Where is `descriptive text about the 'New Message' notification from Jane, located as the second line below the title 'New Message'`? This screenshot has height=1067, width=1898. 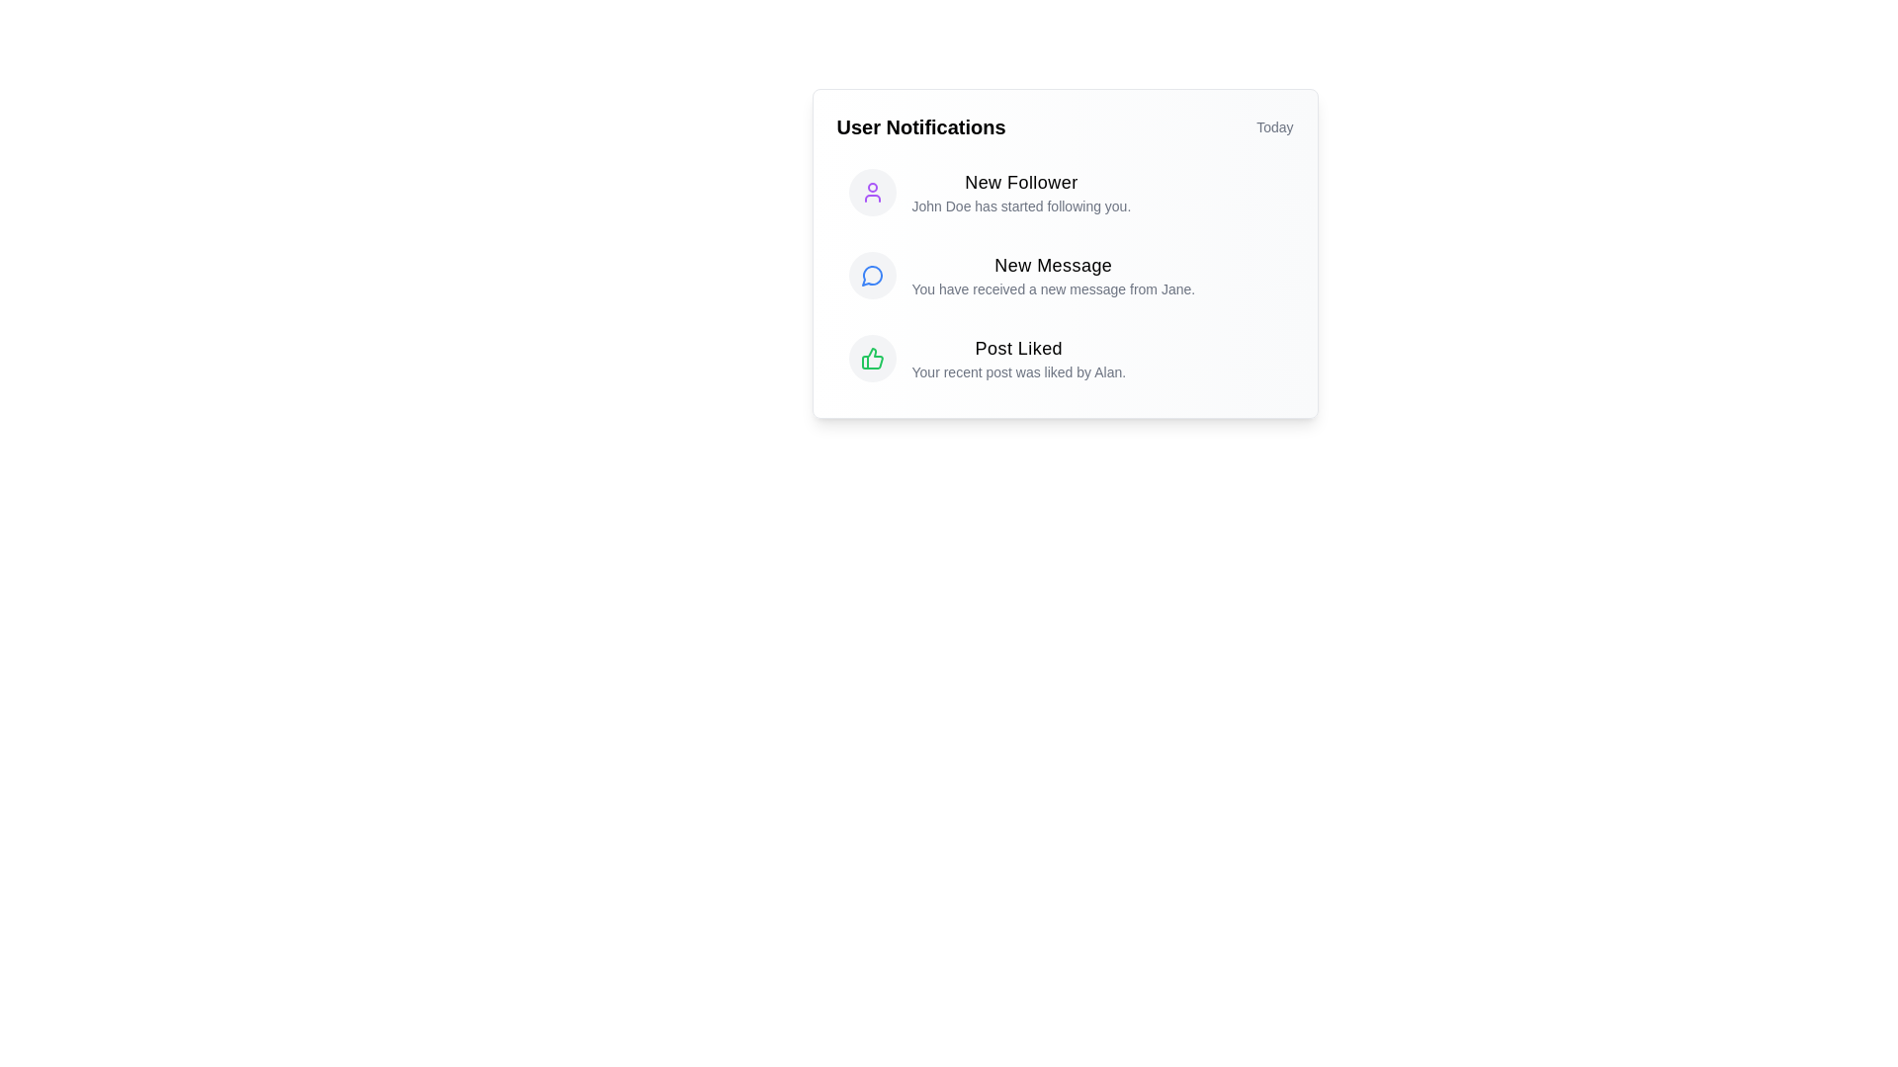 descriptive text about the 'New Message' notification from Jane, located as the second line below the title 'New Message' is located at coordinates (1052, 289).